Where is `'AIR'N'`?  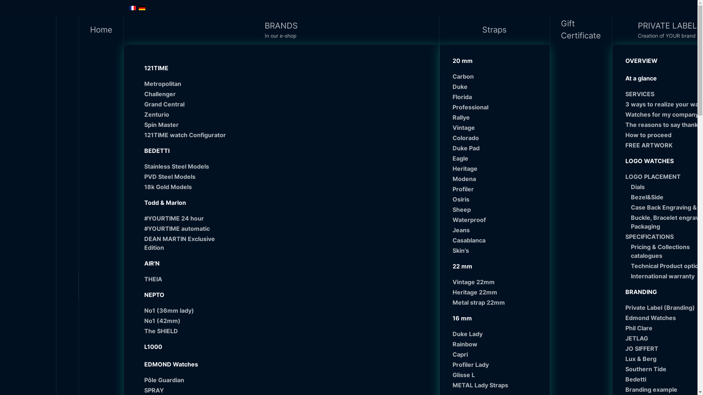 'AIR'N' is located at coordinates (182, 263).